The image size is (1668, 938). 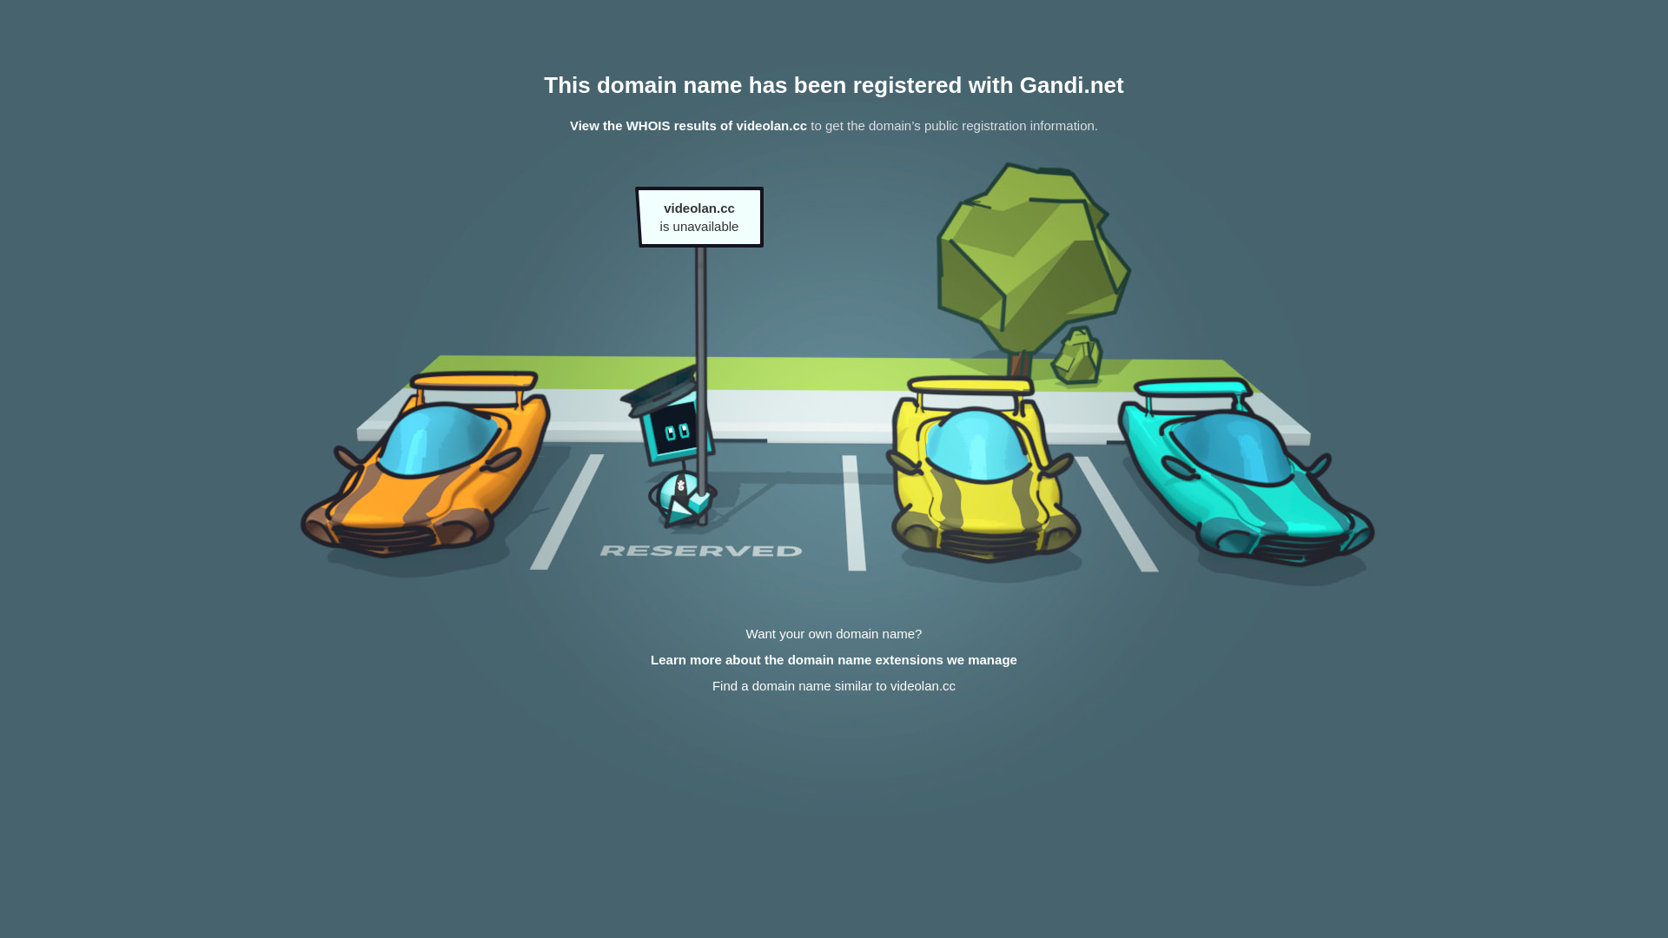 I want to click on 'View the WHOIS results of videolan.cc', so click(x=687, y=124).